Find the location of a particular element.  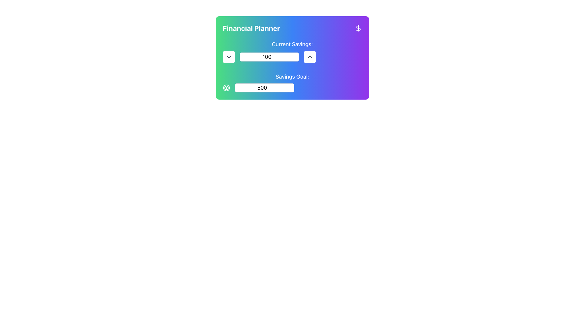

text label that says 'Current Savings:' which is displayed in white font above an input field with a gradient background is located at coordinates (292, 51).